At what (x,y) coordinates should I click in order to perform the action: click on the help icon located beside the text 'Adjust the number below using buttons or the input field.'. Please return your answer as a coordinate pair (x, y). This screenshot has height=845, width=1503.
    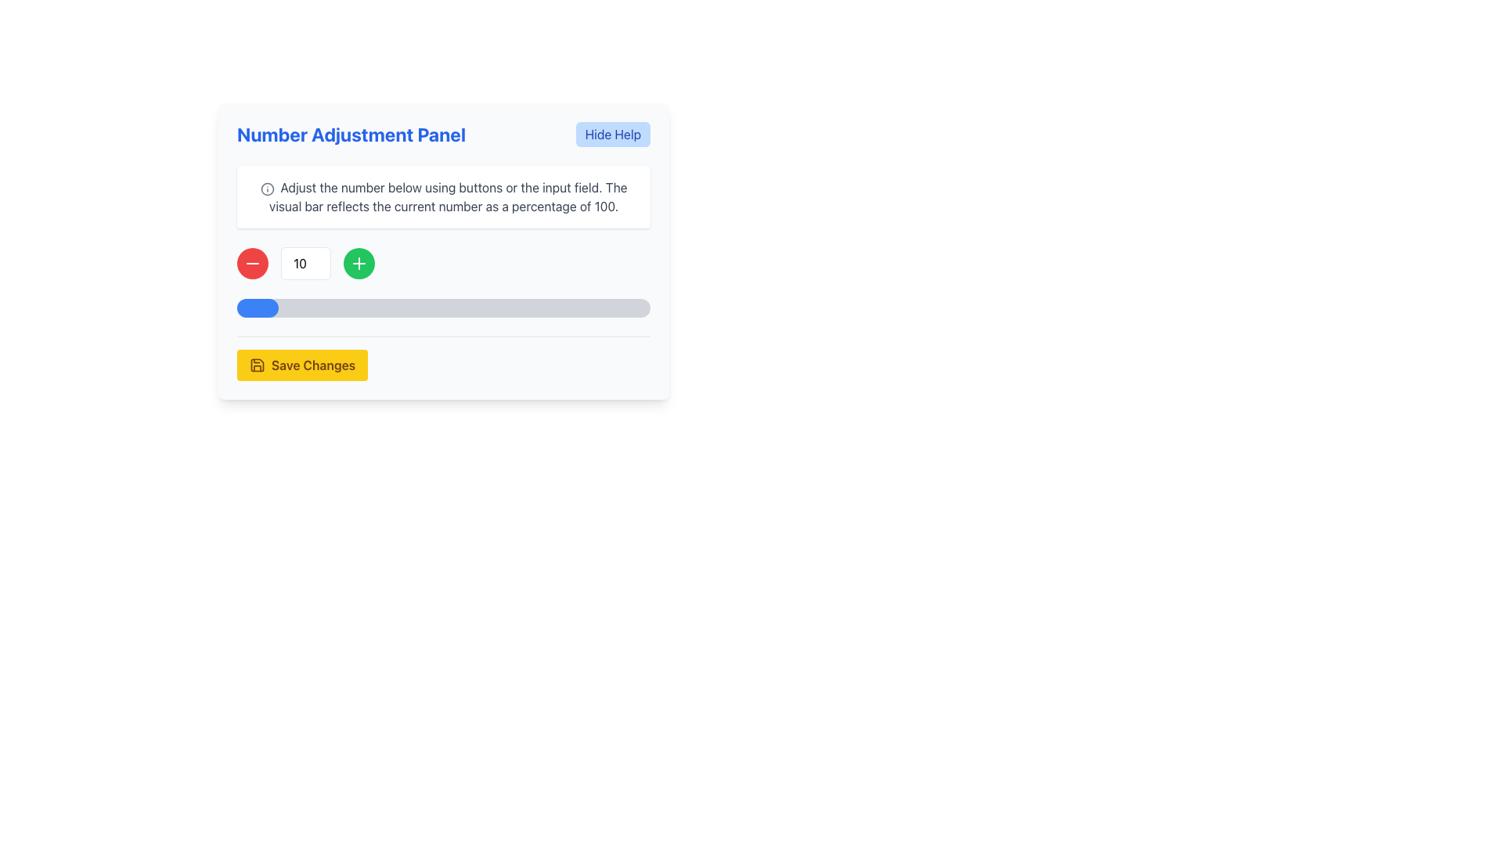
    Looking at the image, I should click on (267, 188).